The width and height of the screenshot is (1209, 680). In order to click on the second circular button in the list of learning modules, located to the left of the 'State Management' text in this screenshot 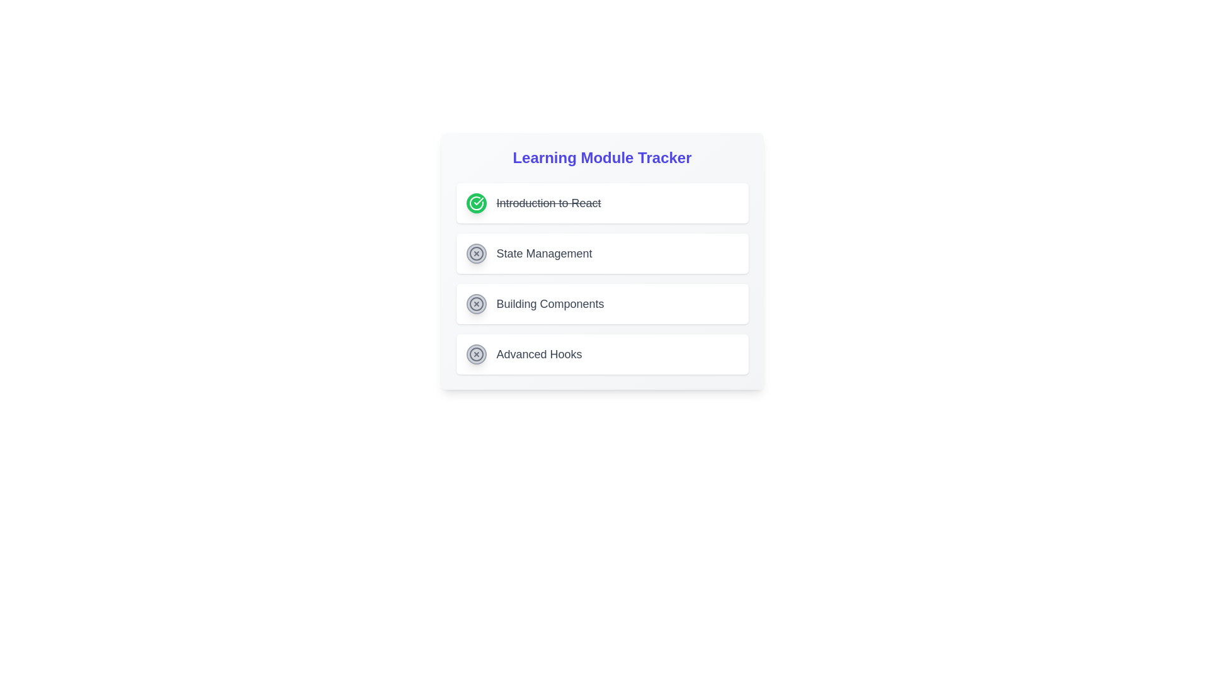, I will do `click(475, 253)`.